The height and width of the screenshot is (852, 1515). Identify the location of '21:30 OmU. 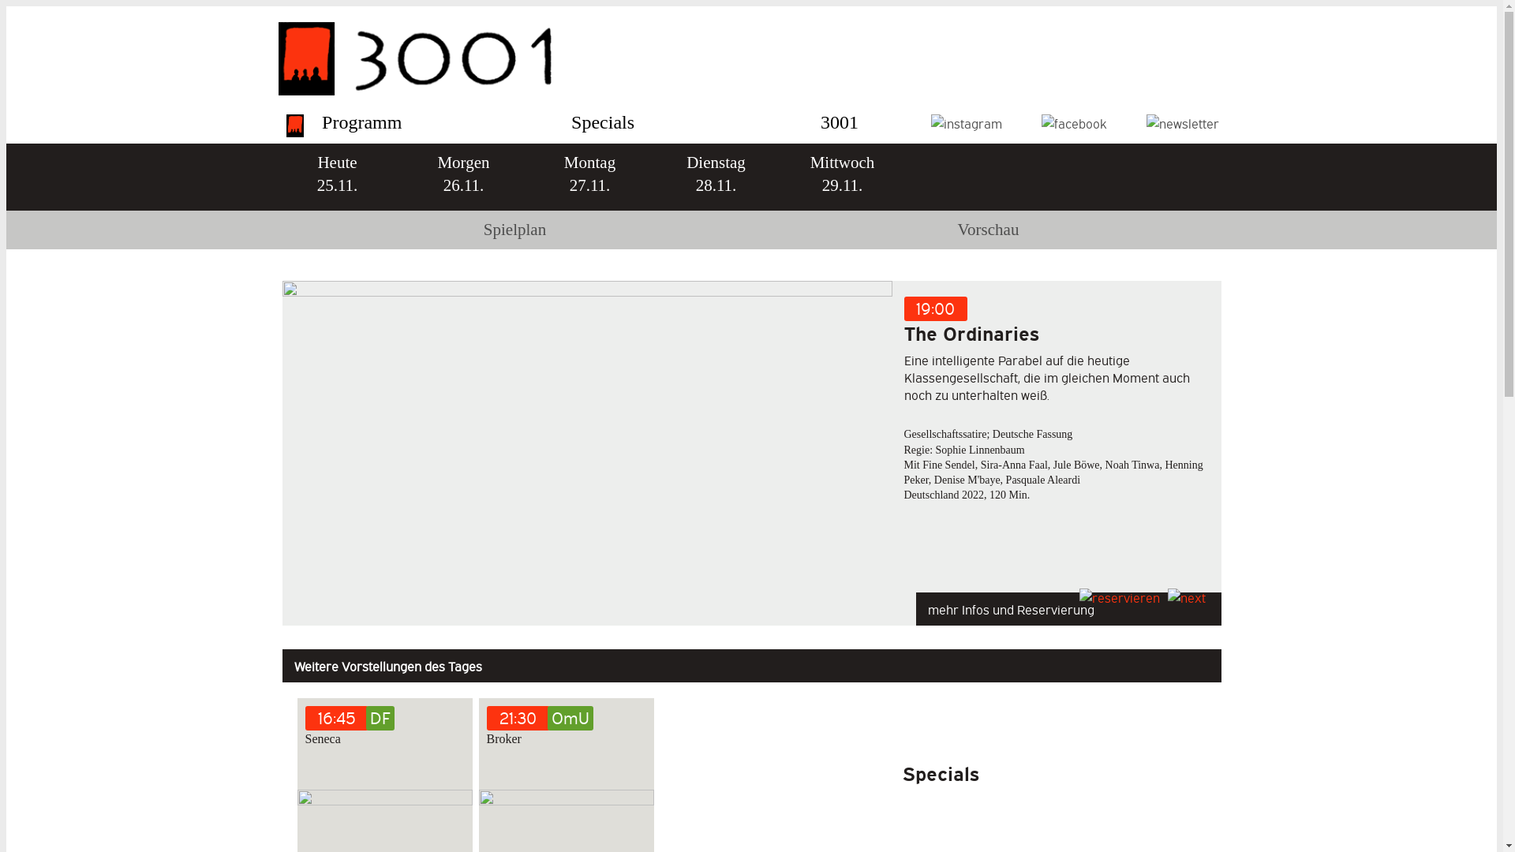
(565, 729).